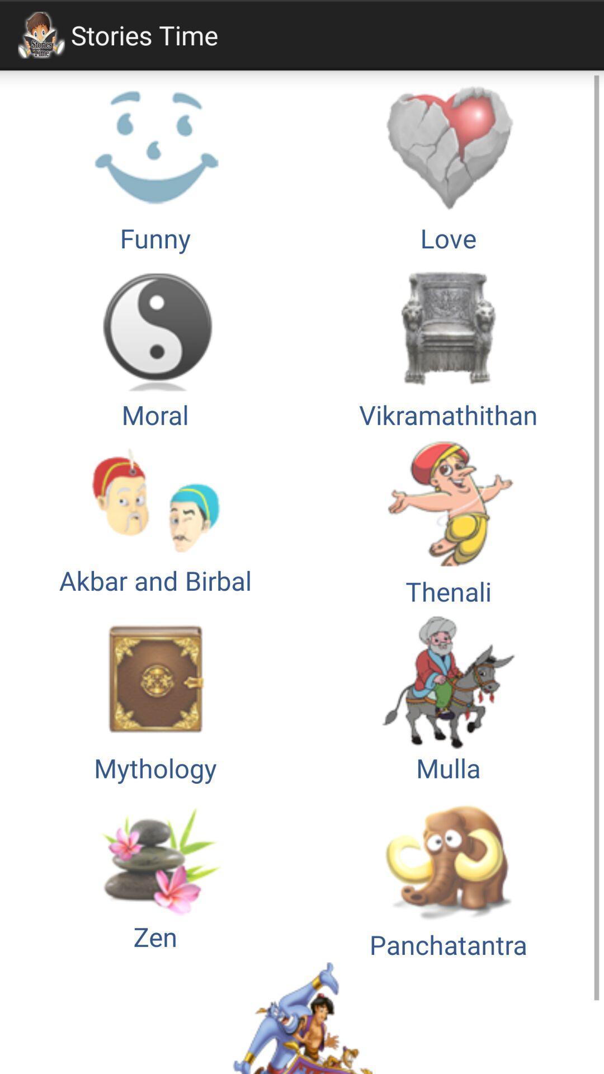 This screenshot has height=1074, width=604. Describe the element at coordinates (448, 874) in the screenshot. I see `the panchatantra image which is in the fourth row second column` at that location.